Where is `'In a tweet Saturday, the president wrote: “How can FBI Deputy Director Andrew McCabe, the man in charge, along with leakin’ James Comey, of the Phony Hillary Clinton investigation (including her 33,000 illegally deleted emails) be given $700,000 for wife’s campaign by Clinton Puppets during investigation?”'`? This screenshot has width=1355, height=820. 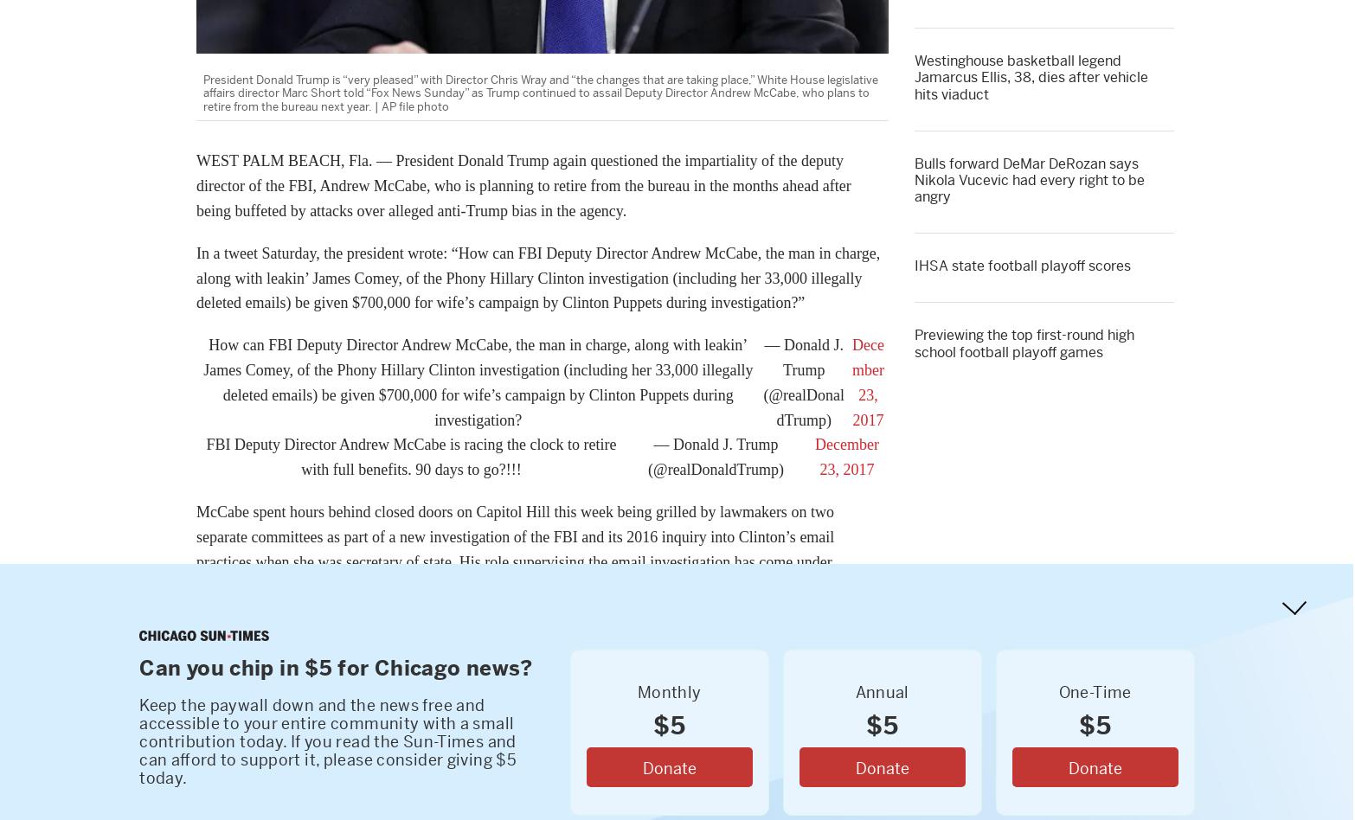
'In a tweet Saturday, the president wrote: “How can FBI Deputy Director Andrew McCabe, the man in charge, along with leakin’ James Comey, of the Phony Hillary Clinton investigation (including her 33,000 illegally deleted emails) be given $700,000 for wife’s campaign by Clinton Puppets during investigation?”' is located at coordinates (537, 277).